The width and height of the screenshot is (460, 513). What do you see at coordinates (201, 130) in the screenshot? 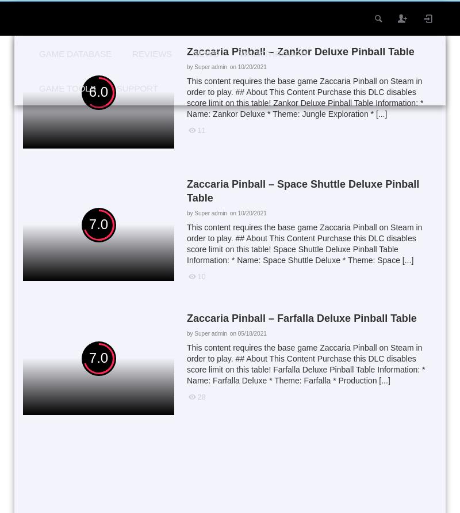
I see `'11'` at bounding box center [201, 130].